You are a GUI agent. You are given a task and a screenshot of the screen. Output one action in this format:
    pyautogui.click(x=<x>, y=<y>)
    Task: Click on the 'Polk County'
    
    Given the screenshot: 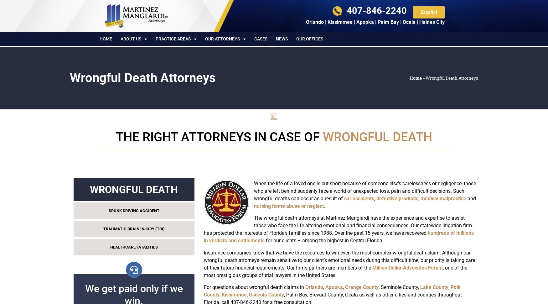 What is the action you would take?
    pyautogui.click(x=203, y=290)
    